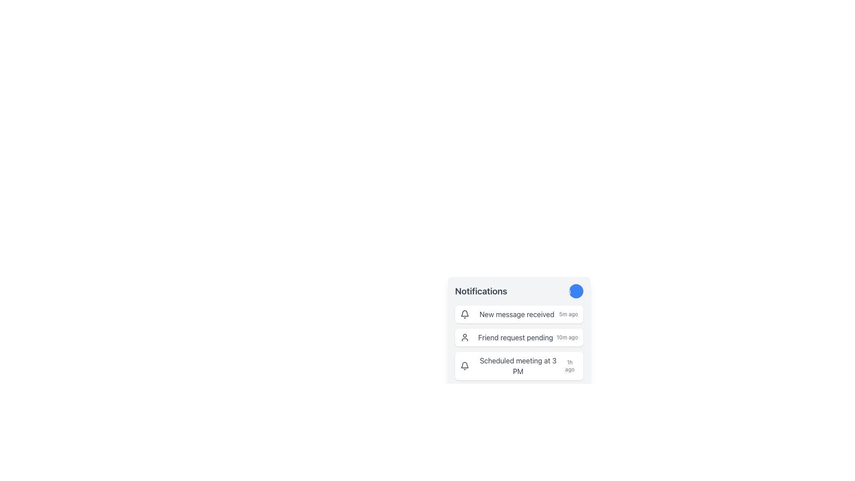 This screenshot has width=855, height=481. What do you see at coordinates (569, 366) in the screenshot?
I see `timestamp displayed as '1h ago' in the small text label located in the bottom-right corner of the 'Scheduled meeting at 3 PM' notification card` at bounding box center [569, 366].